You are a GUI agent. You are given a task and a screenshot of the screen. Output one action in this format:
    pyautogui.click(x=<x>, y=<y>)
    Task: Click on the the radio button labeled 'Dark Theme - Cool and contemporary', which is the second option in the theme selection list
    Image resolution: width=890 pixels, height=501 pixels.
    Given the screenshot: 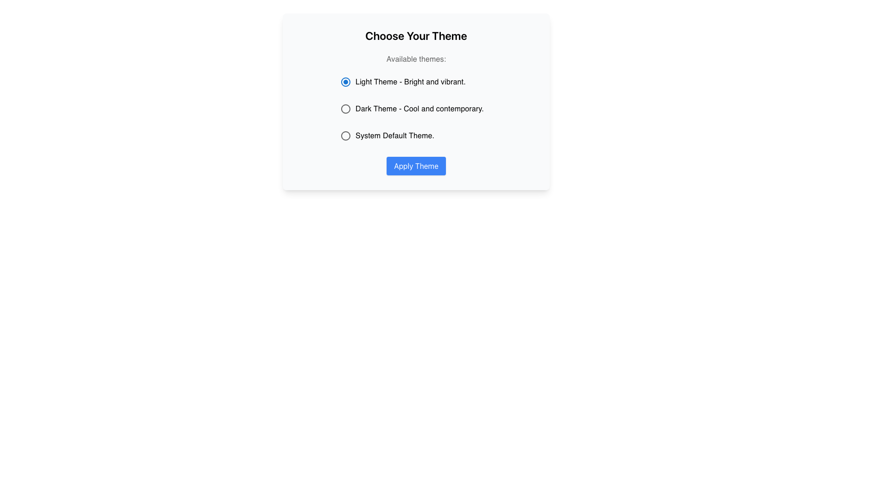 What is the action you would take?
    pyautogui.click(x=409, y=109)
    